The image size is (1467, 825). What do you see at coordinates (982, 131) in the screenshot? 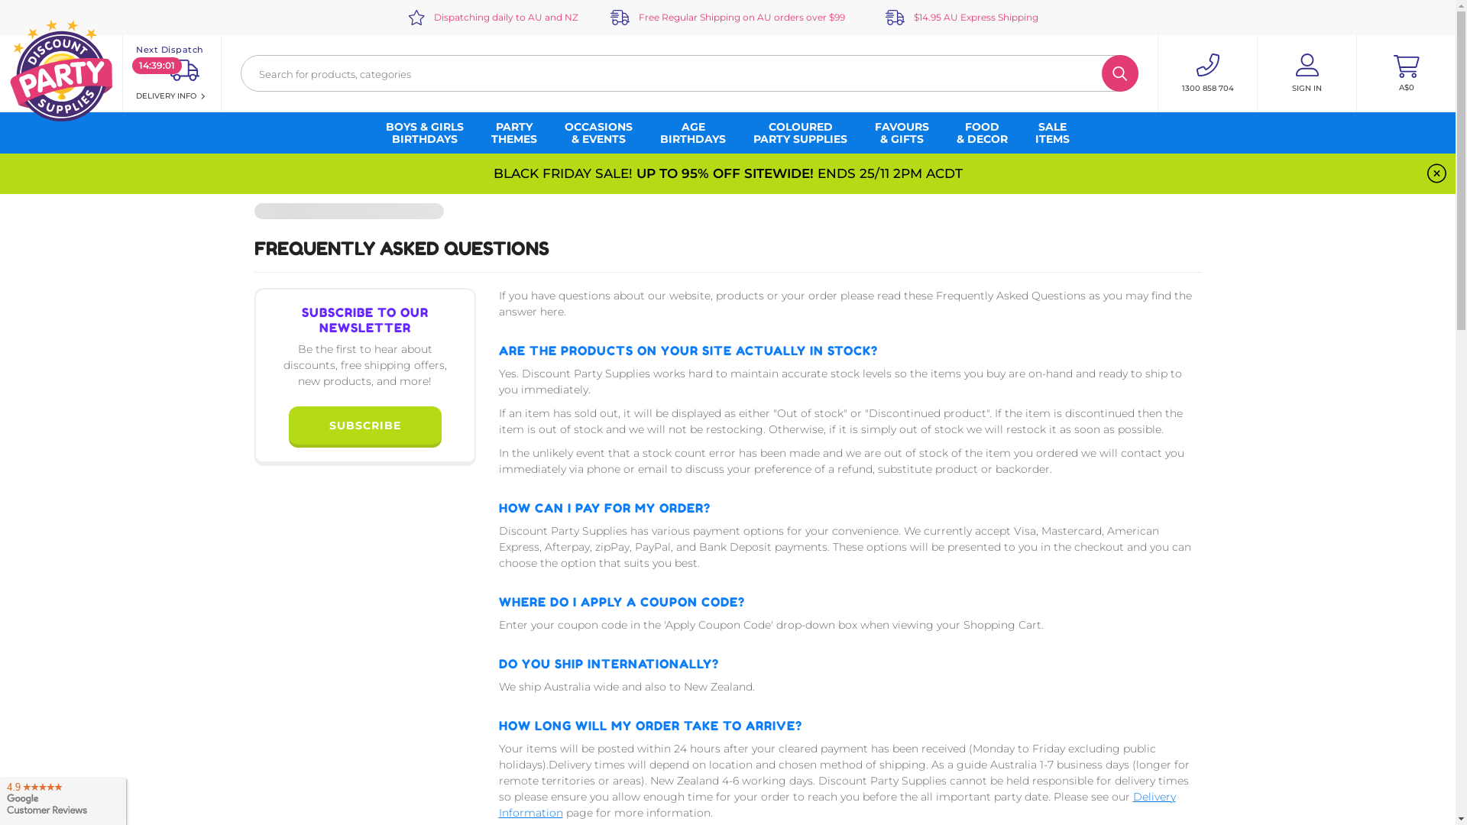
I see `'FOOD` at bounding box center [982, 131].